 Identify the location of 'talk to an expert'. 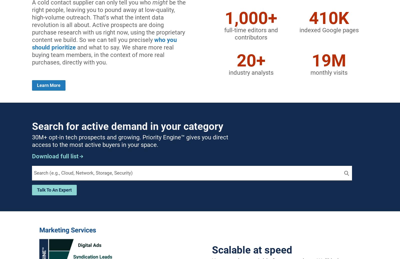
(54, 190).